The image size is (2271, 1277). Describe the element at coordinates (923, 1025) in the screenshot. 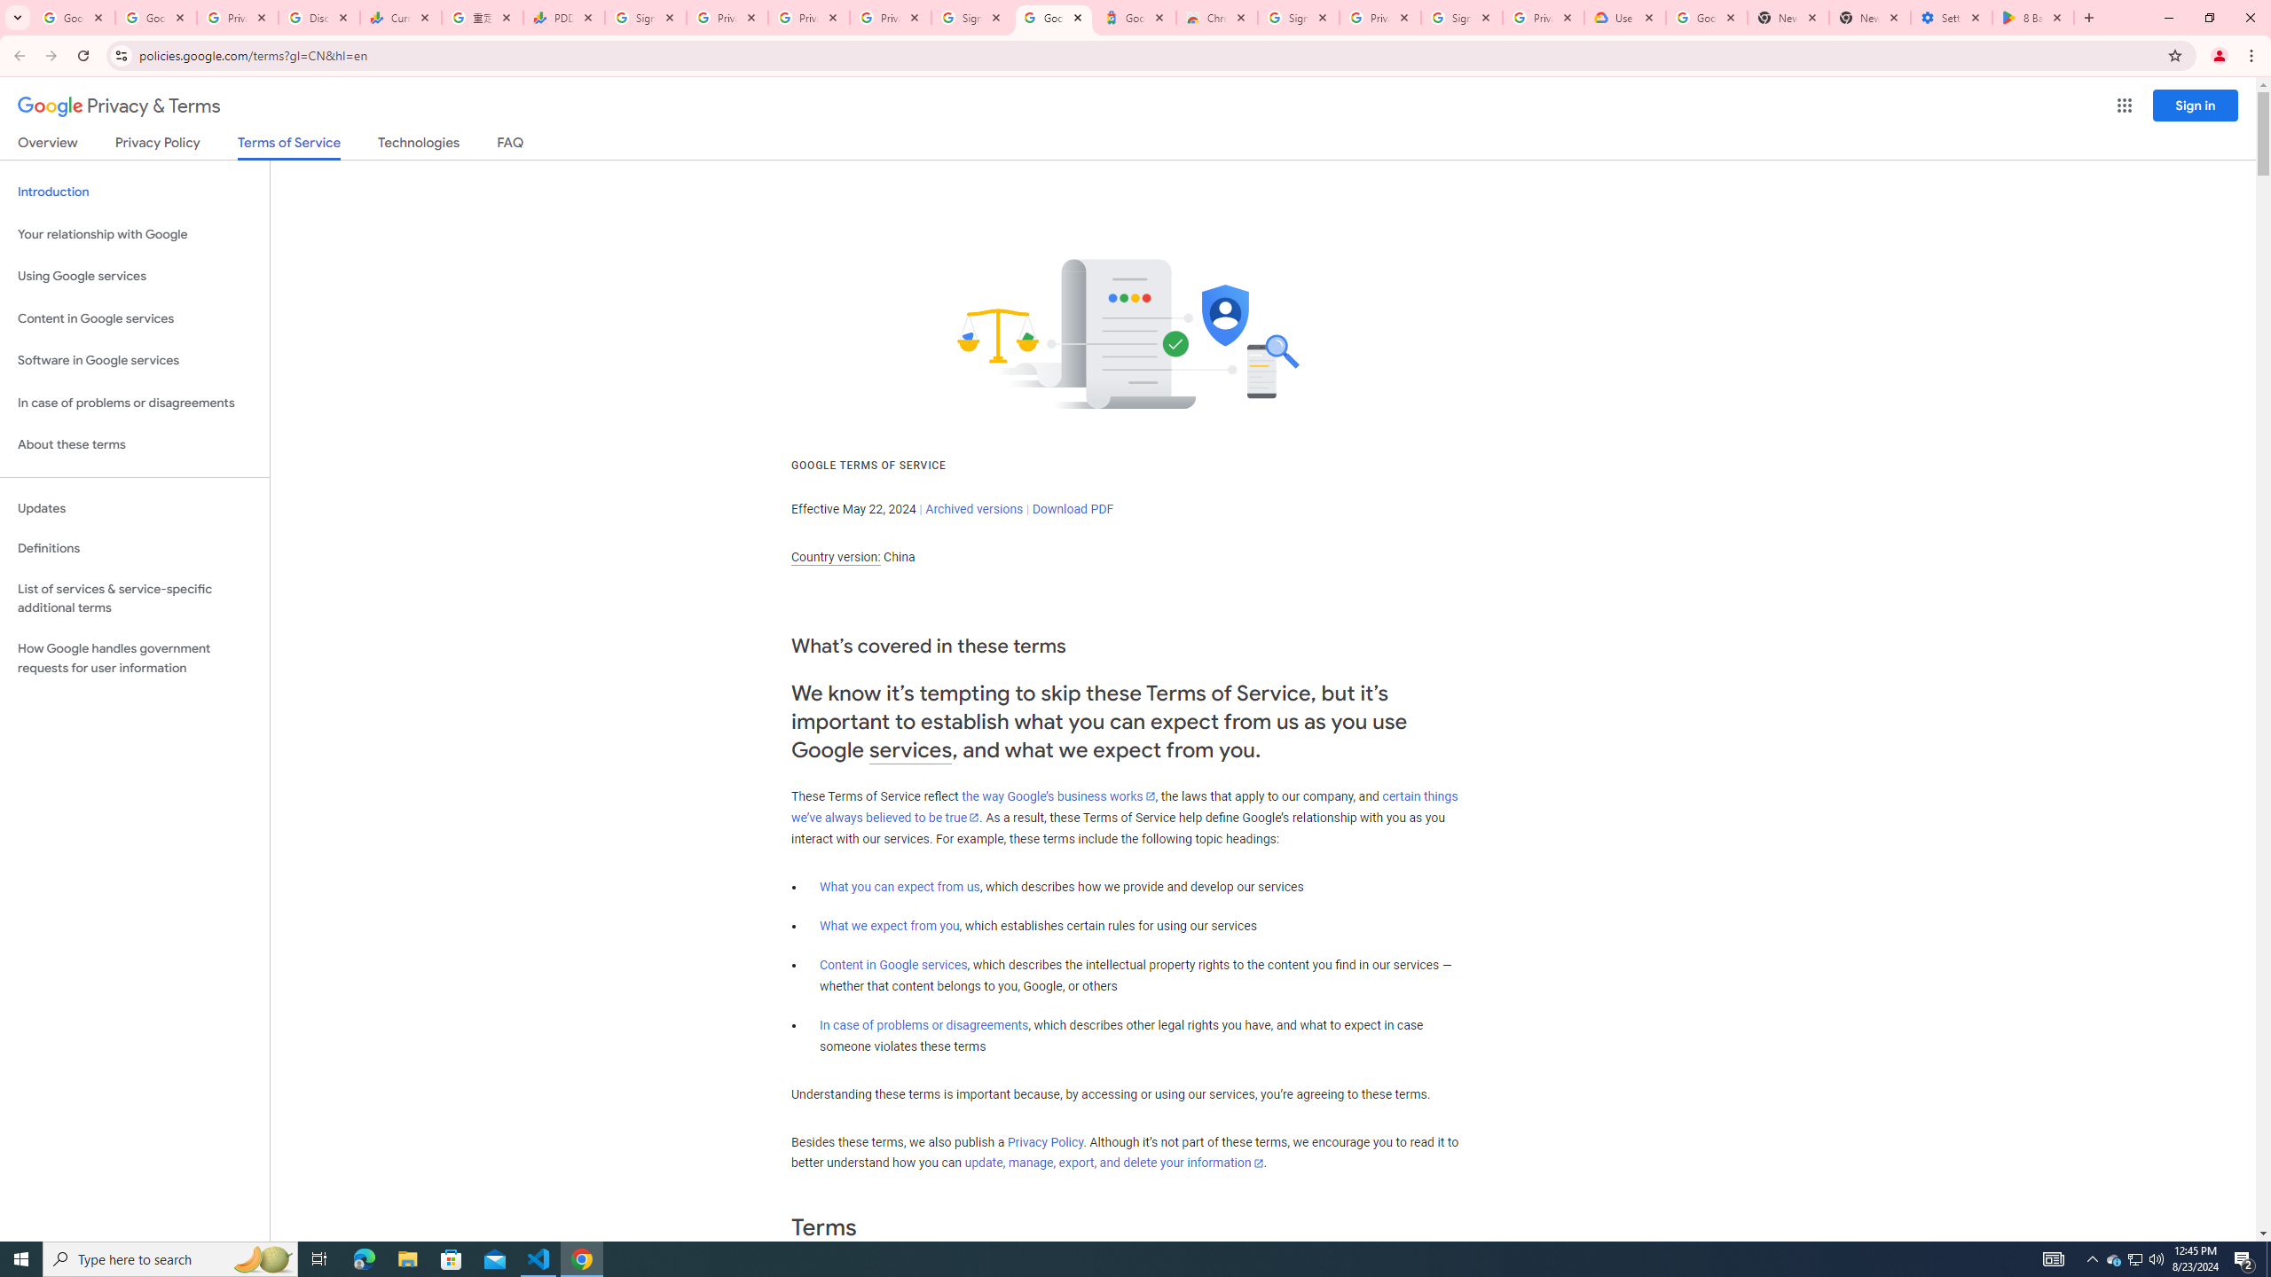

I see `'In case of problems or disagreements'` at that location.